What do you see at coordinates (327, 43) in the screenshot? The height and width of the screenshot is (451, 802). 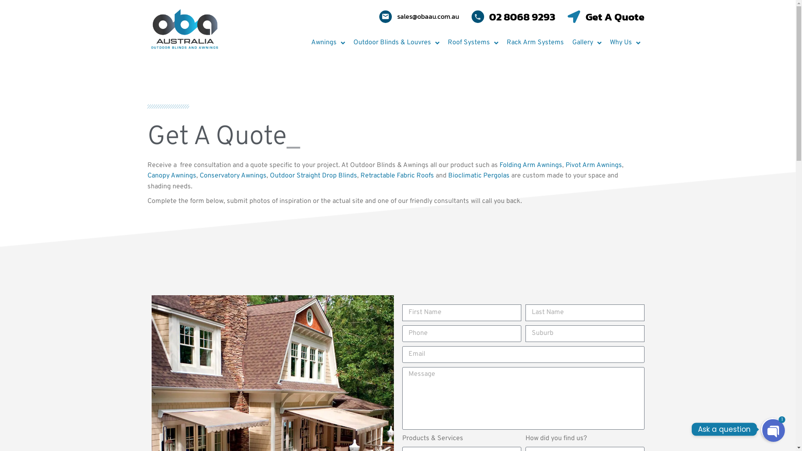 I see `'Awnings'` at bounding box center [327, 43].